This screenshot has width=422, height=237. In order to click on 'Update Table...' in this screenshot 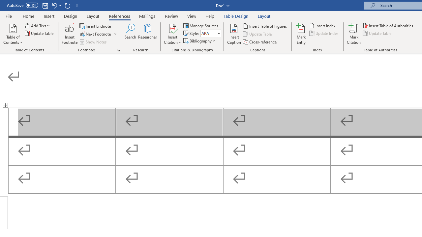, I will do `click(39, 33)`.